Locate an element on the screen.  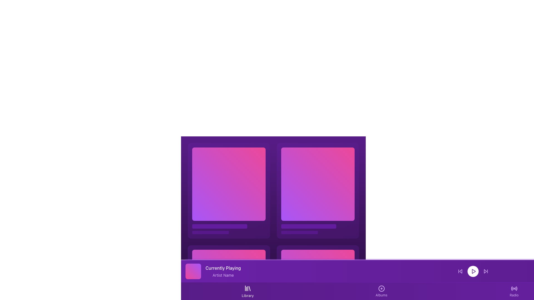
the circular icon with a purple ring and a purple-filled center, associated with the 'Albums' label, located above the 'Albums' text on the bottom navigation bar is located at coordinates (381, 288).